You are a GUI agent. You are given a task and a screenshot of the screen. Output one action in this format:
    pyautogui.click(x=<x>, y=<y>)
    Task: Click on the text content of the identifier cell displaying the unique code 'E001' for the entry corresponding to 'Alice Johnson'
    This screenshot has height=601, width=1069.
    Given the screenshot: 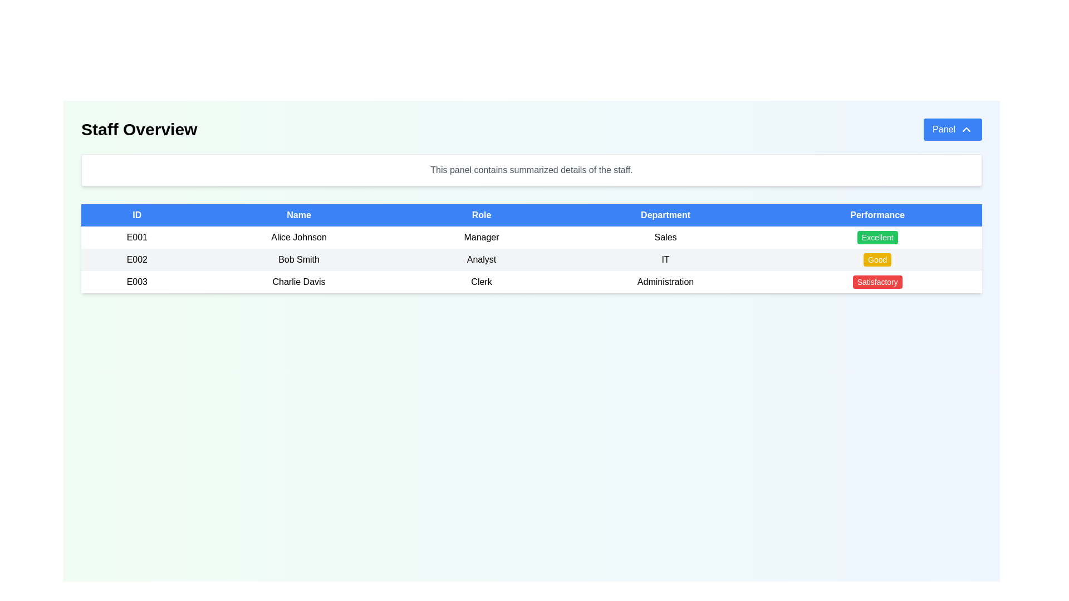 What is the action you would take?
    pyautogui.click(x=136, y=237)
    